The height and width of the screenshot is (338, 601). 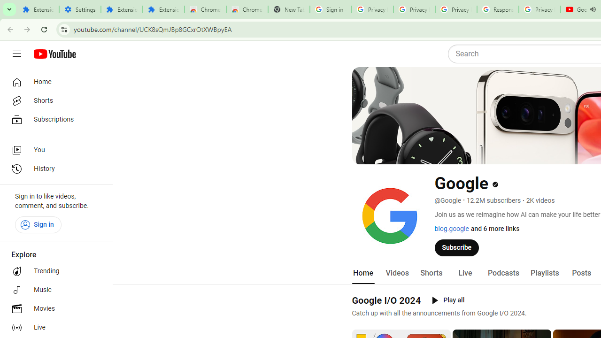 What do you see at coordinates (447, 300) in the screenshot?
I see `'Play all'` at bounding box center [447, 300].